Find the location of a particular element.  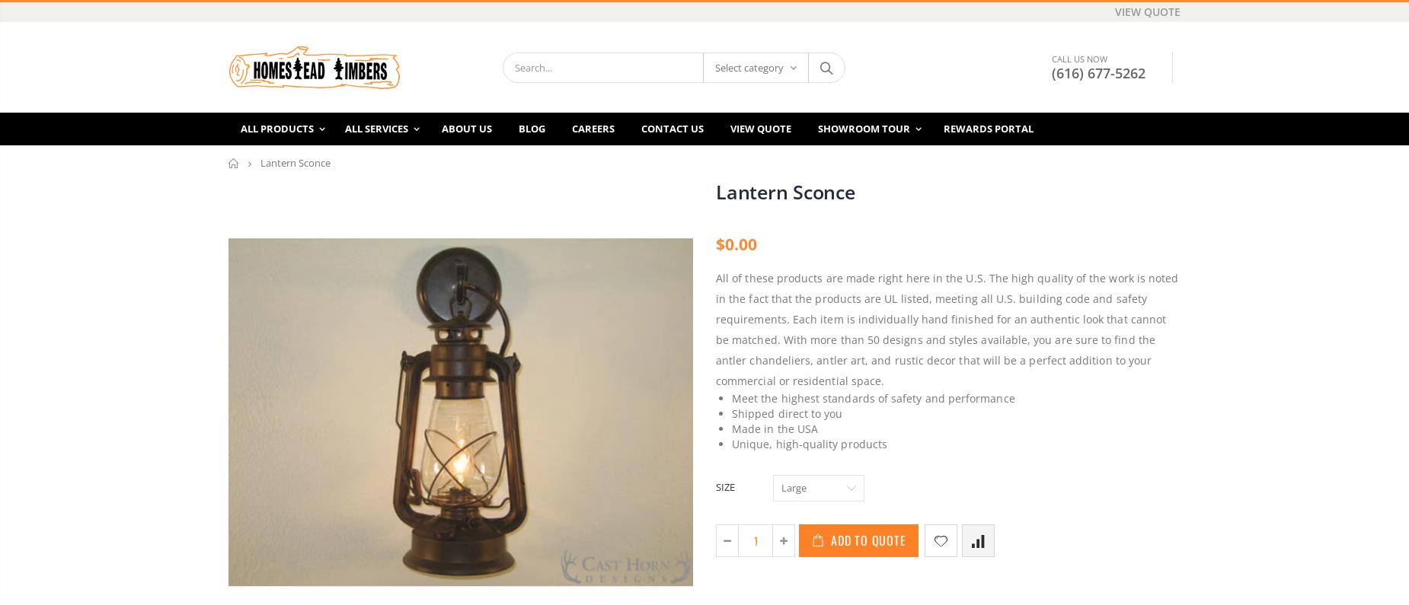

'RAILING AND STAIRS' is located at coordinates (615, 477).